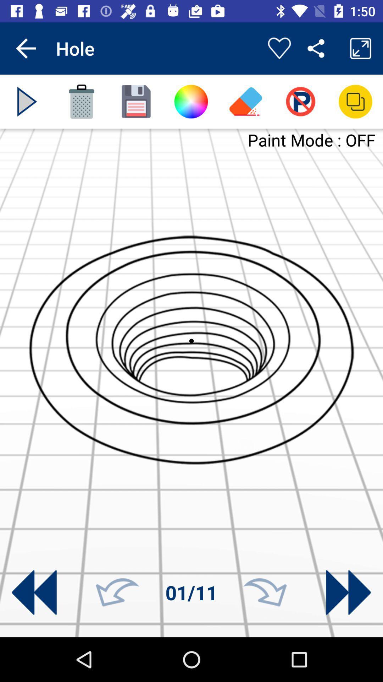 The image size is (383, 682). Describe the element at coordinates (348, 592) in the screenshot. I see `the av_forward icon` at that location.